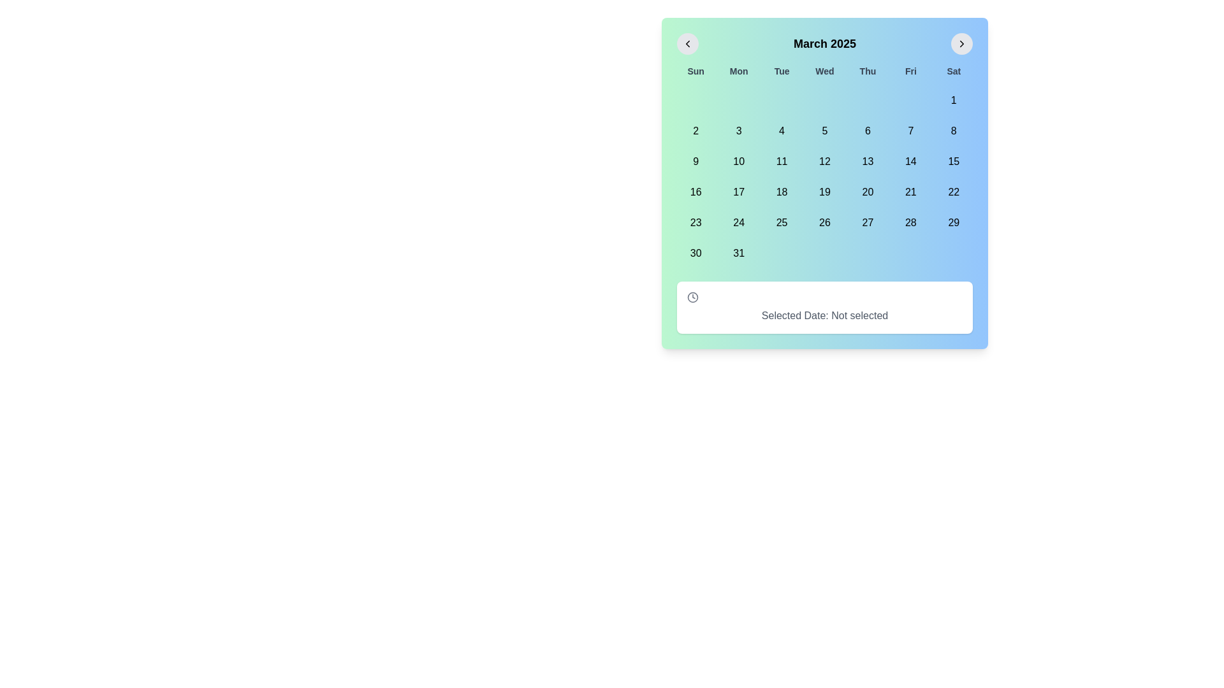 Image resolution: width=1224 pixels, height=688 pixels. What do you see at coordinates (781, 71) in the screenshot?
I see `the Text label indicating 'Tue', which is the third item in the calendar grid layout, positioned between 'Mon' and 'Wed'` at bounding box center [781, 71].